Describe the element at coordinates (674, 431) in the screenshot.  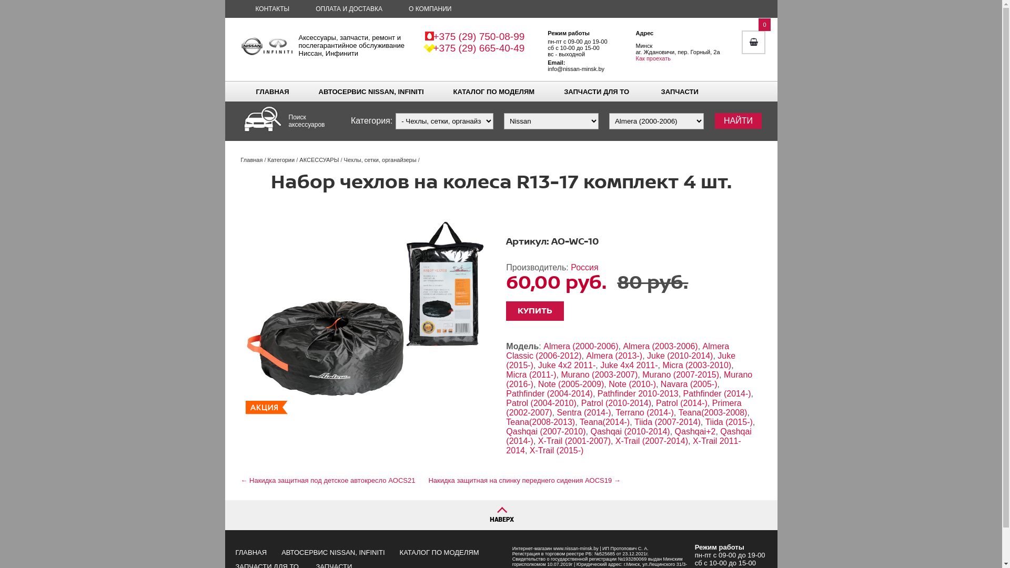
I see `'Qashqai+2'` at that location.